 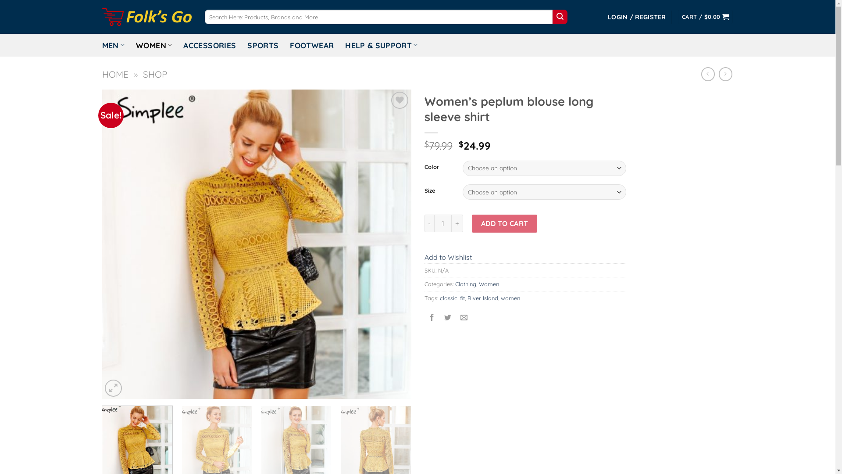 What do you see at coordinates (637, 17) in the screenshot?
I see `'LOGIN / REGISTER'` at bounding box center [637, 17].